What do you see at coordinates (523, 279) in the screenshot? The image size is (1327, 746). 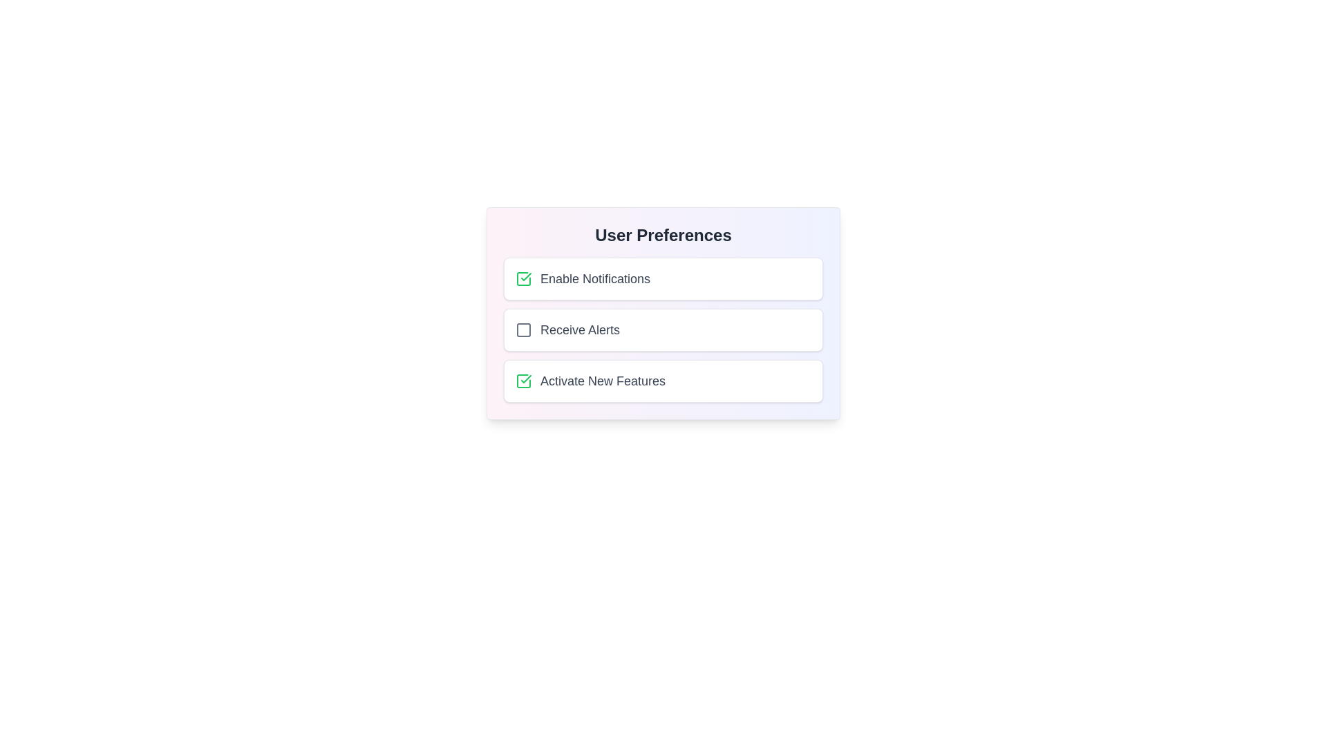 I see `the checkbox in the top-left corner of the 'Enable Notifications' preference row` at bounding box center [523, 279].